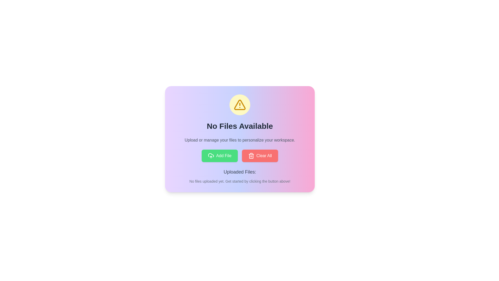 The height and width of the screenshot is (281, 499). What do you see at coordinates (239, 181) in the screenshot?
I see `the plain text message that reads 'No files uploaded yet. Get started by clicking the button above!', which is located below the heading 'Uploaded Files:' in the primary interface` at bounding box center [239, 181].